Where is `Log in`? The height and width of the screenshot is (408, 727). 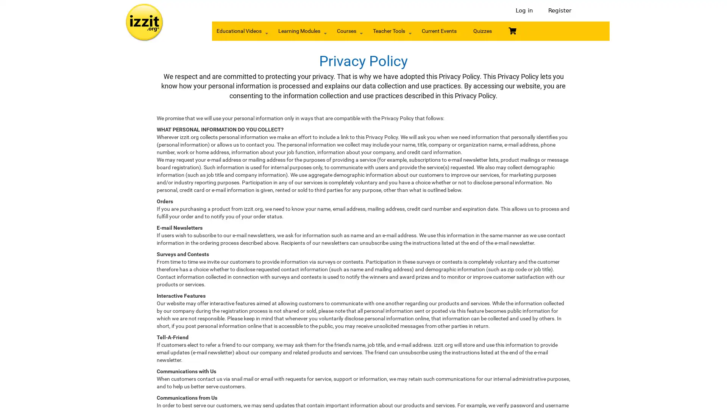 Log in is located at coordinates (524, 11).